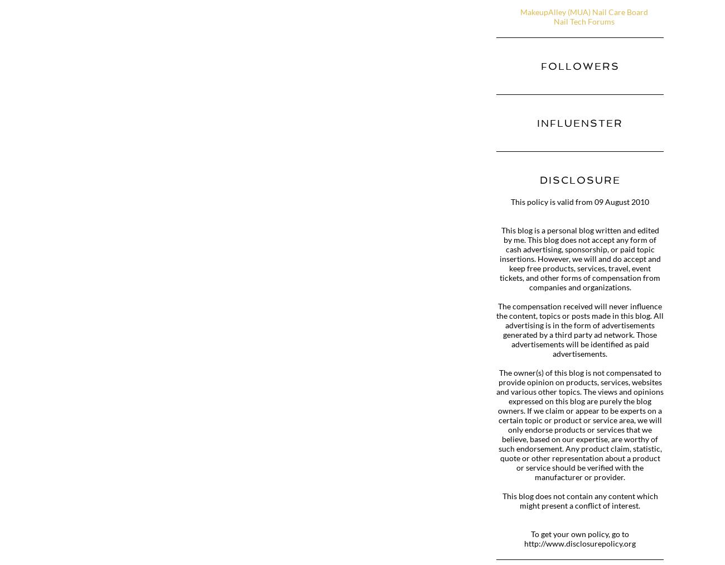 The width and height of the screenshot is (725, 565). I want to click on 'Followers', so click(579, 65).